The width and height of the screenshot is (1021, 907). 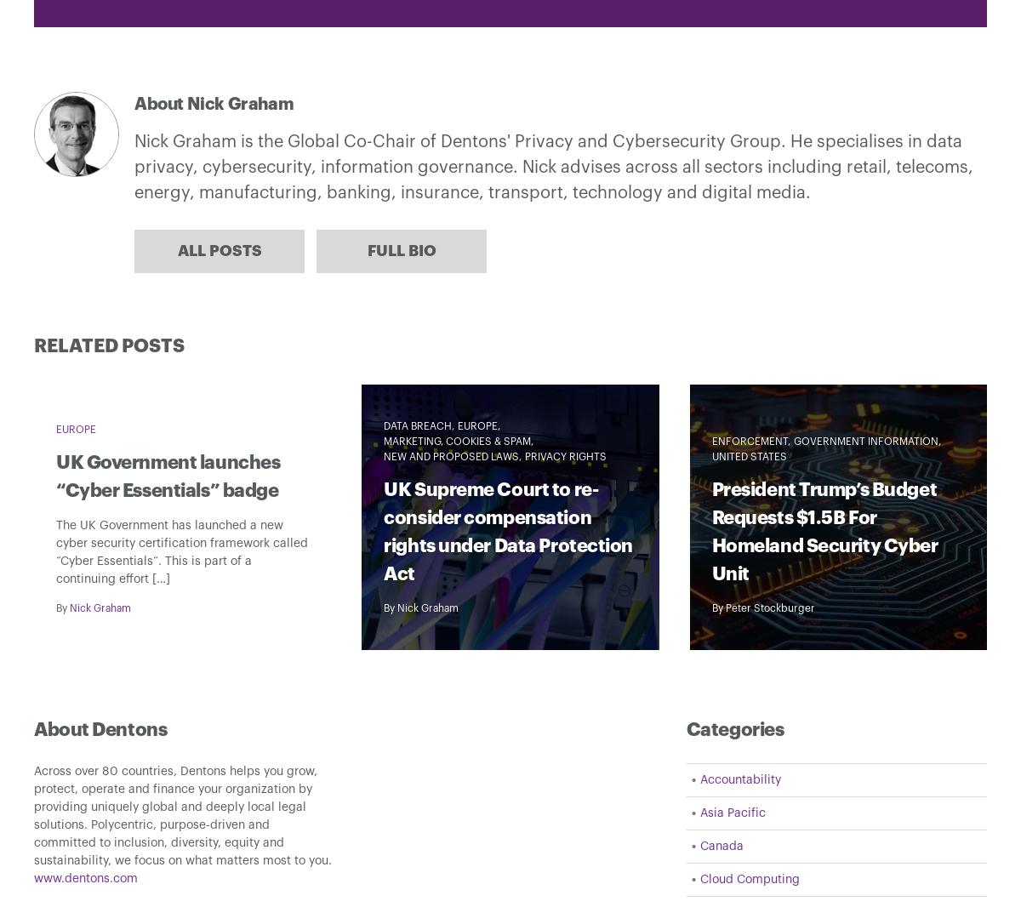 I want to click on 'United States', so click(x=710, y=456).